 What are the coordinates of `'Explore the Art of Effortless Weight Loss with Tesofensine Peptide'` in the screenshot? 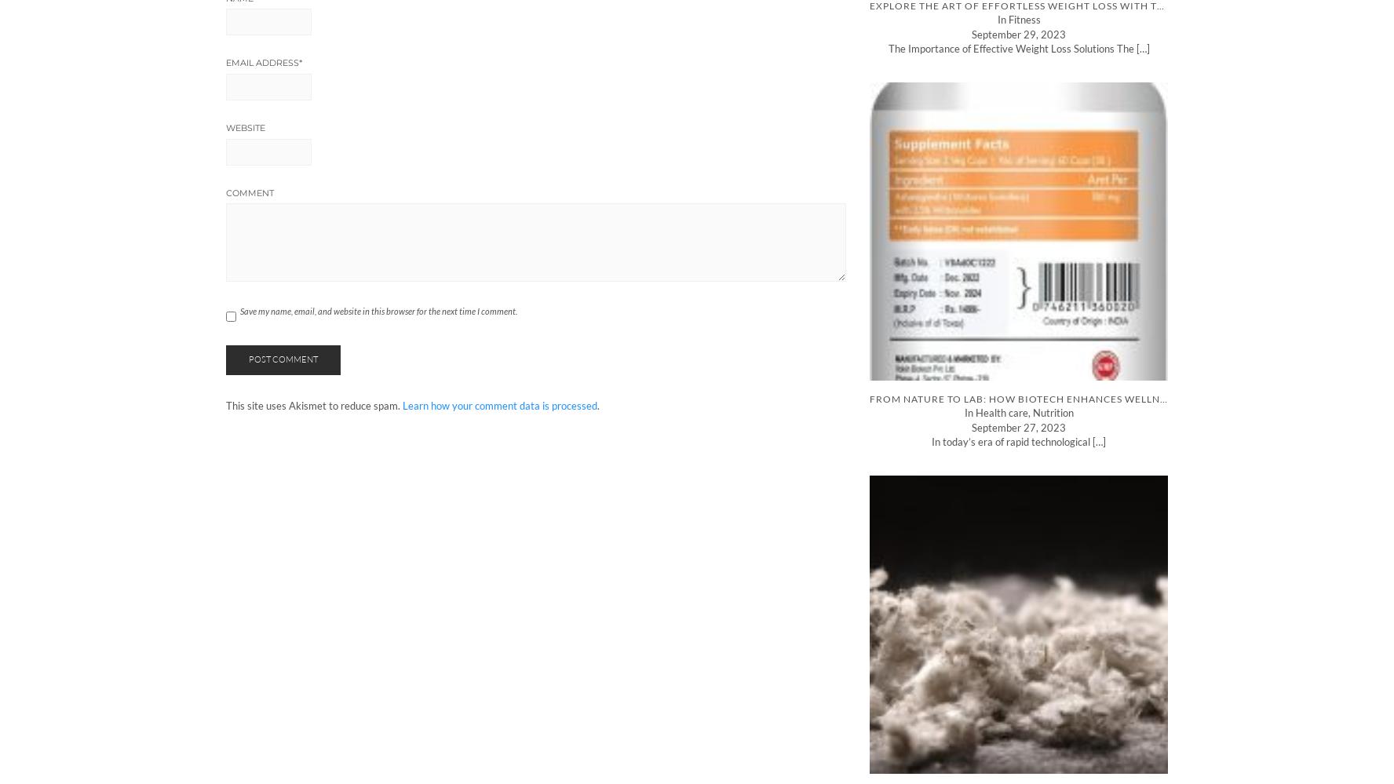 It's located at (1067, 5).